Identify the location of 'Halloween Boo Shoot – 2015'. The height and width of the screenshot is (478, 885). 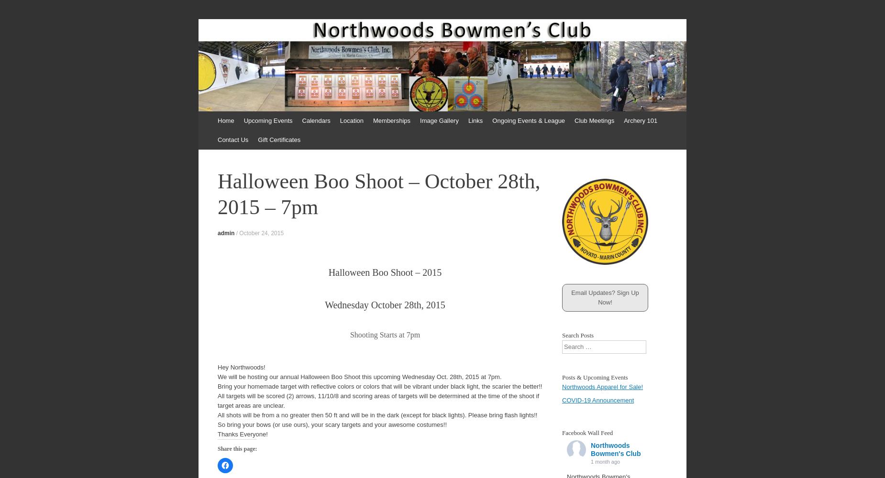
(385, 272).